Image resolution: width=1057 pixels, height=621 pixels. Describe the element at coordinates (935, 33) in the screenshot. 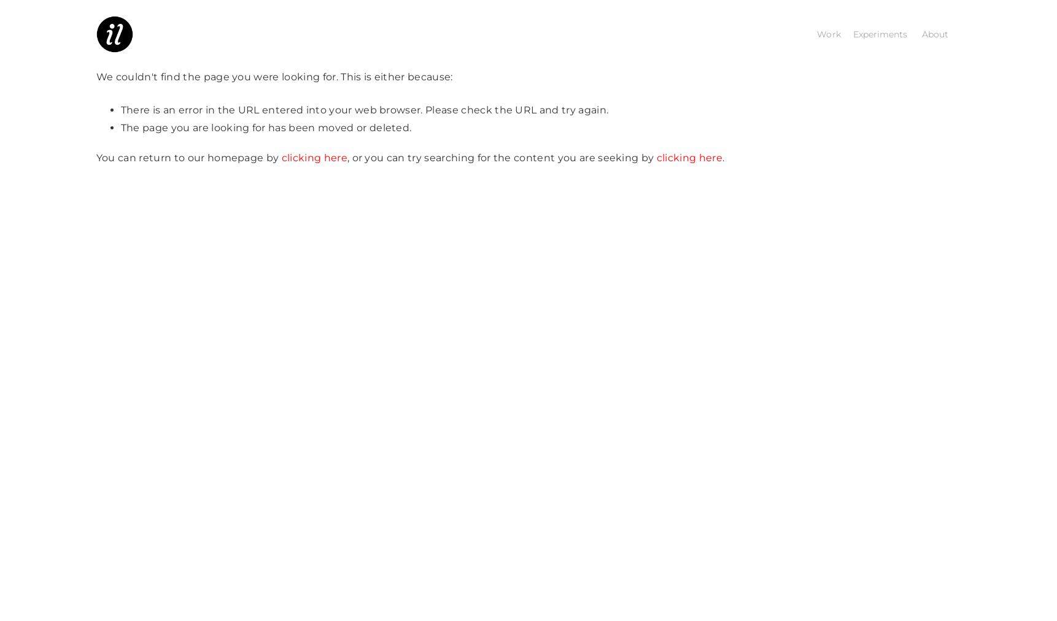

I see `'About'` at that location.